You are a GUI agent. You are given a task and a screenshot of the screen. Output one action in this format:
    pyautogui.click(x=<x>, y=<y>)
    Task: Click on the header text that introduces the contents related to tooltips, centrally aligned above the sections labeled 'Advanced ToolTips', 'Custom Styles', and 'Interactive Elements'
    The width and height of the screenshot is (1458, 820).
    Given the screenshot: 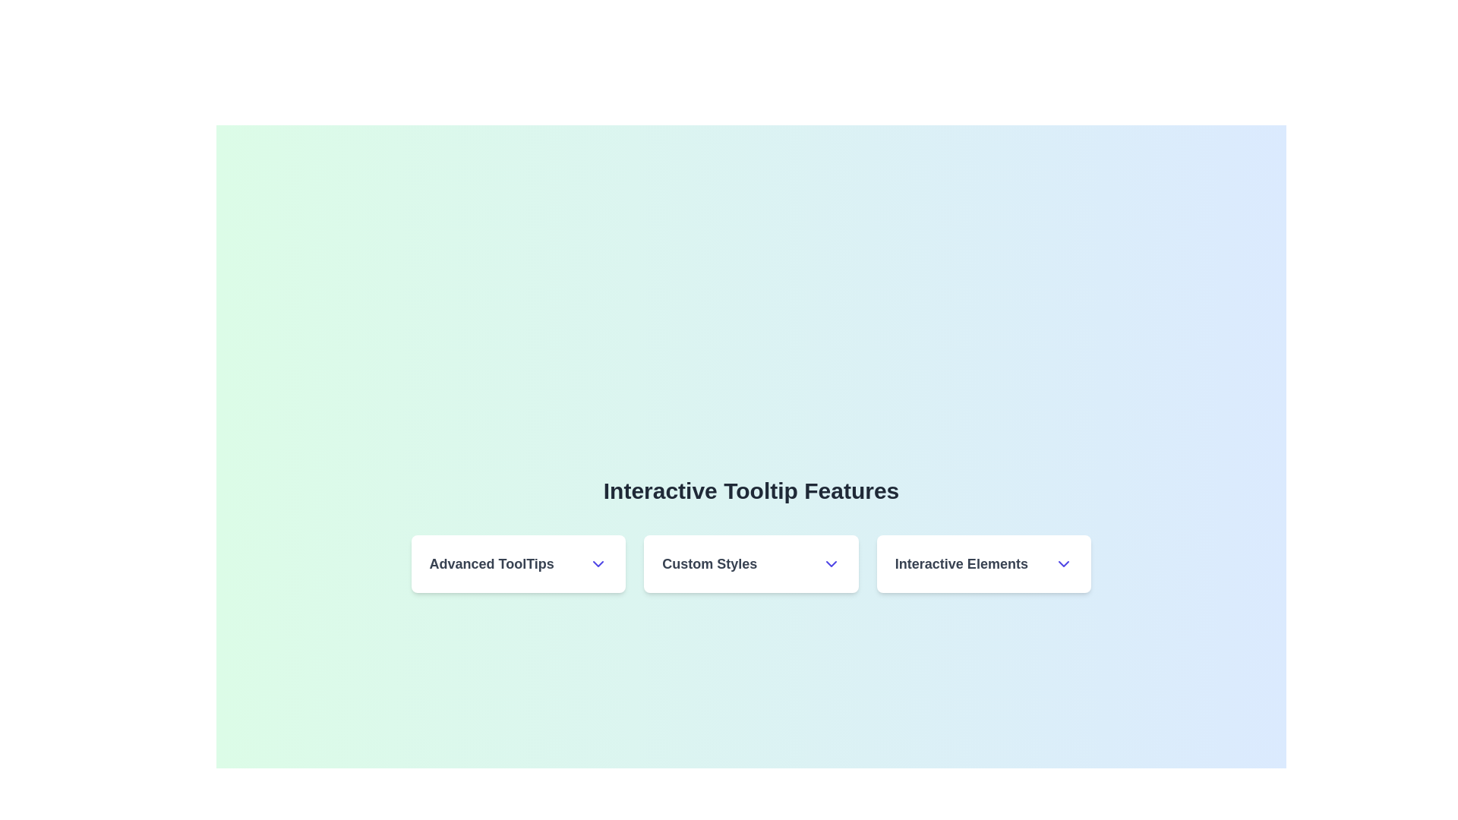 What is the action you would take?
    pyautogui.click(x=751, y=491)
    